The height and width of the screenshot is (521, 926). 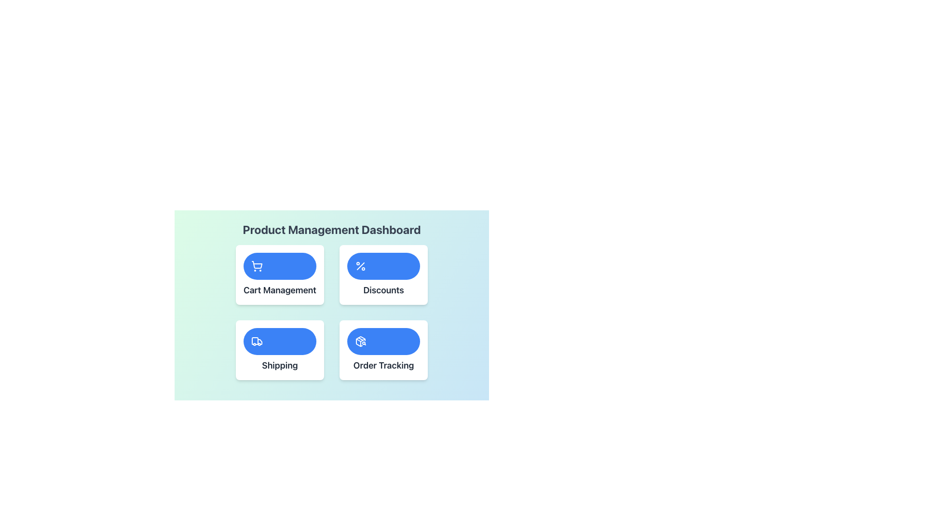 I want to click on text from the 'Shipping' section text label located at the bottom-left of the grid layout in the product dashboard interface, situated just below the truck icon, so click(x=279, y=366).